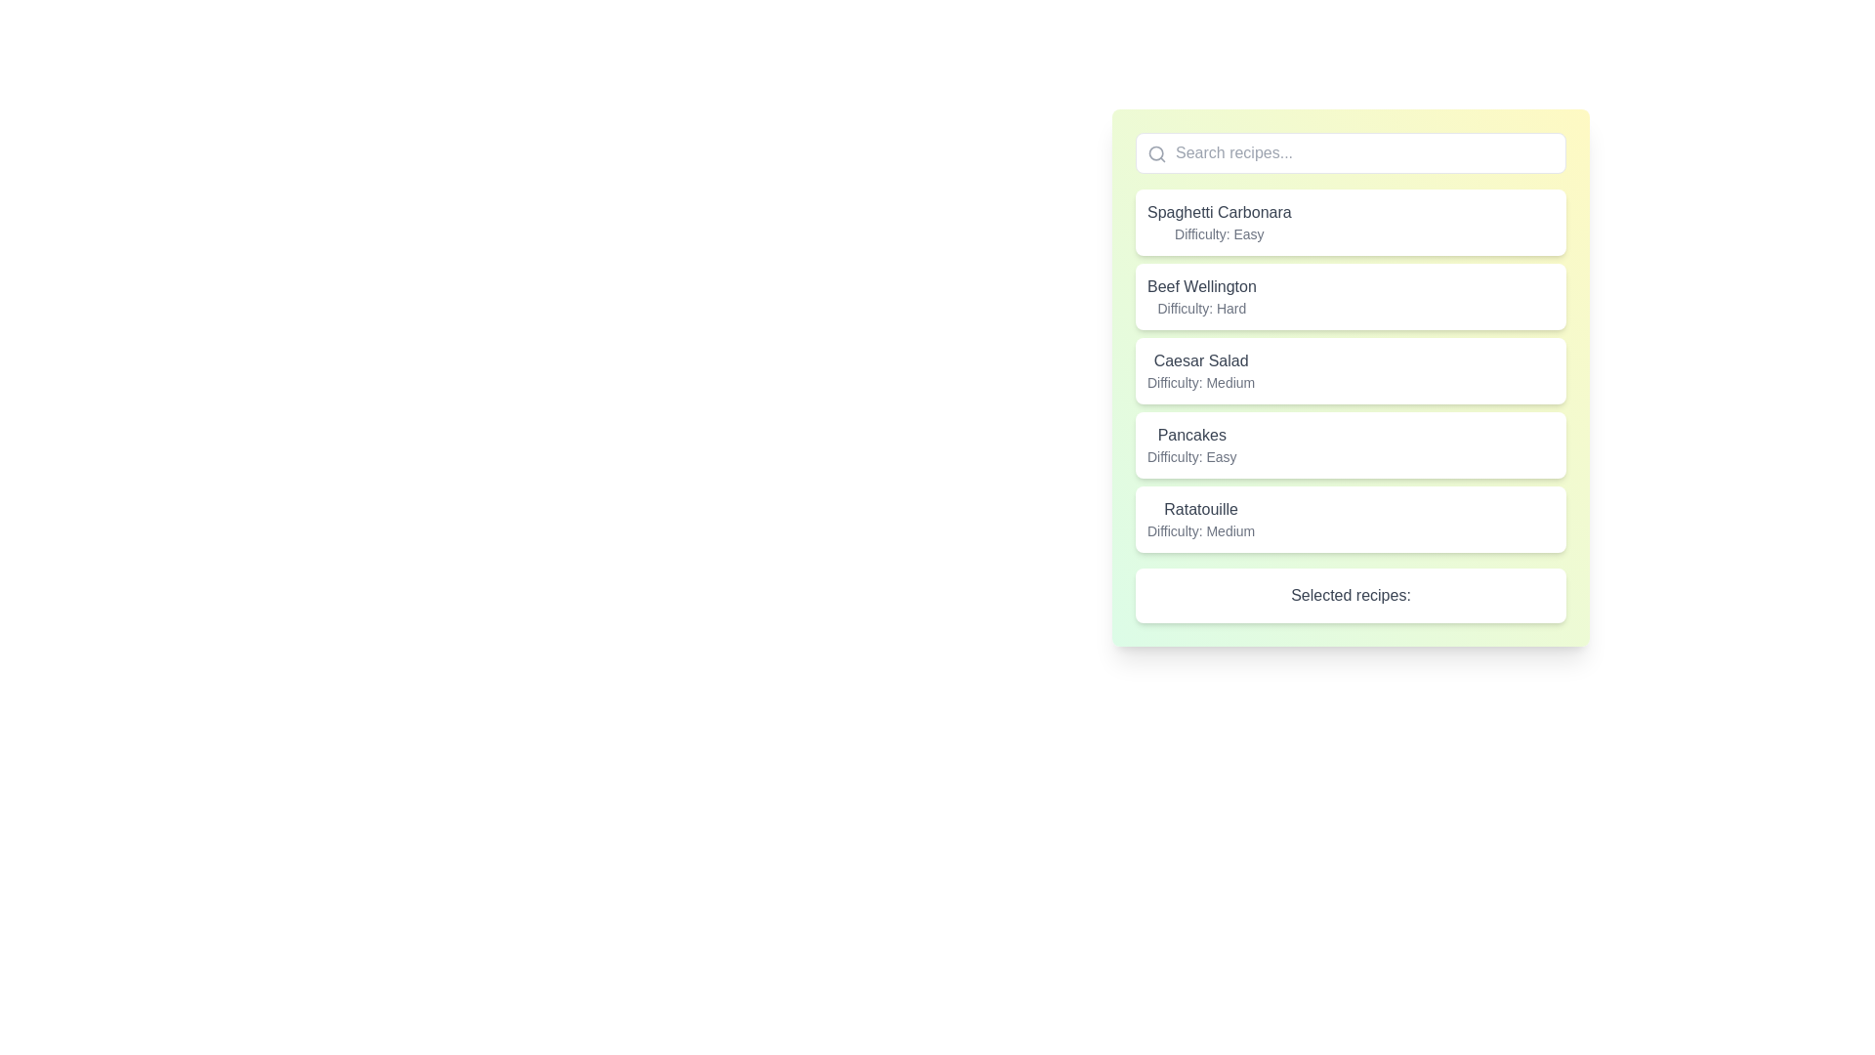 The image size is (1875, 1055). What do you see at coordinates (1156, 152) in the screenshot?
I see `the SVG Circle element, which has a gray border and is located at the top-left corner of the search bar, representing the search functionality` at bounding box center [1156, 152].